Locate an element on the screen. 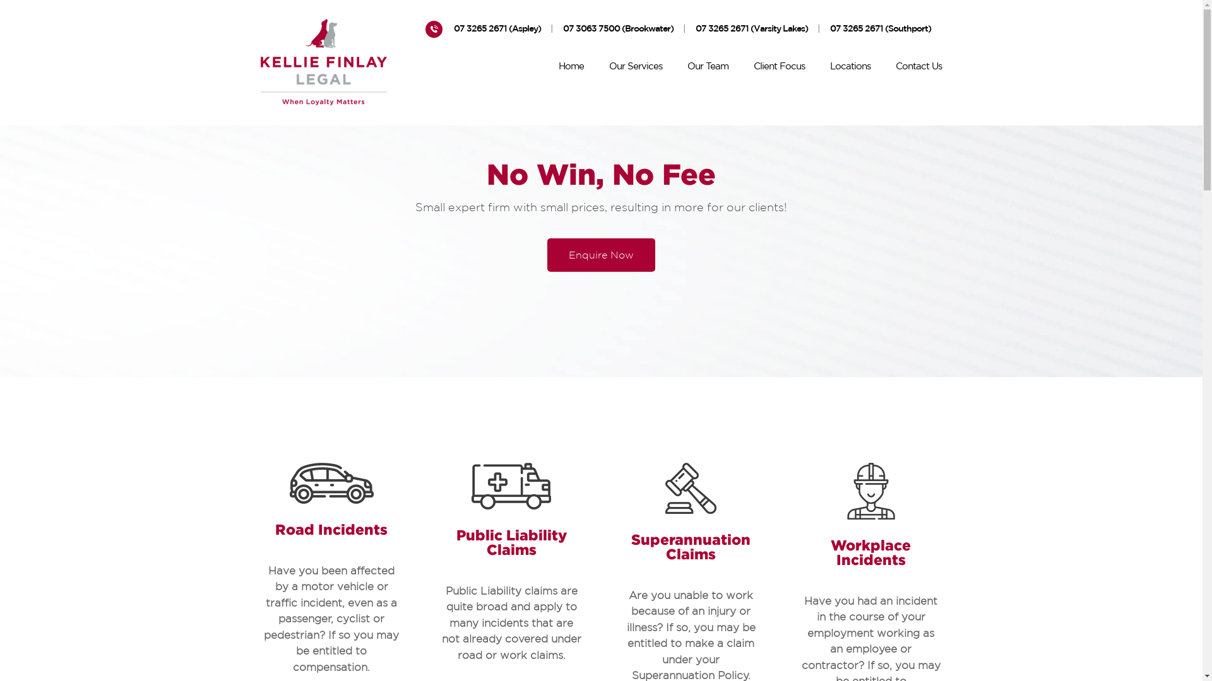 The width and height of the screenshot is (1212, 681). 'Contact Us' is located at coordinates (918, 68).